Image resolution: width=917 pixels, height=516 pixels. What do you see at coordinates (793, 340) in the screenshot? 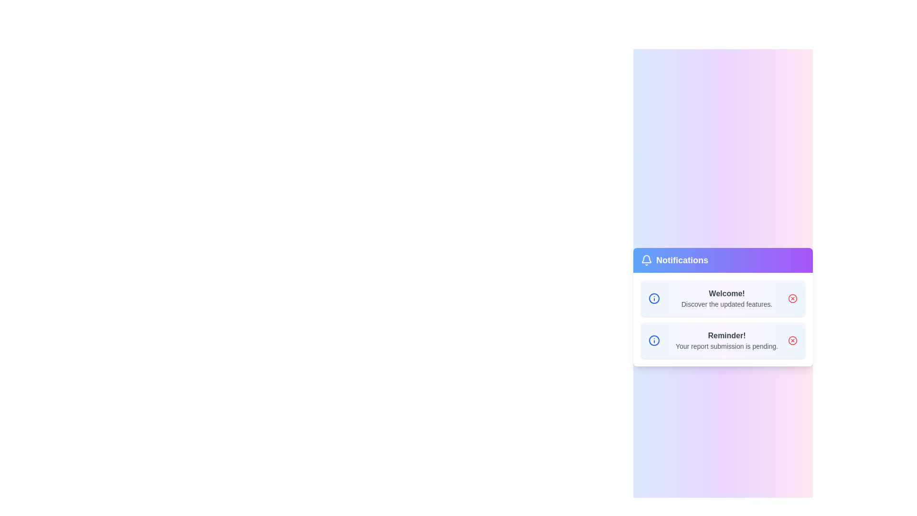
I see `the dismiss button located on the rightmost side of the notification box that contains the text 'Reminder! Your report submission is pending.'` at bounding box center [793, 340].